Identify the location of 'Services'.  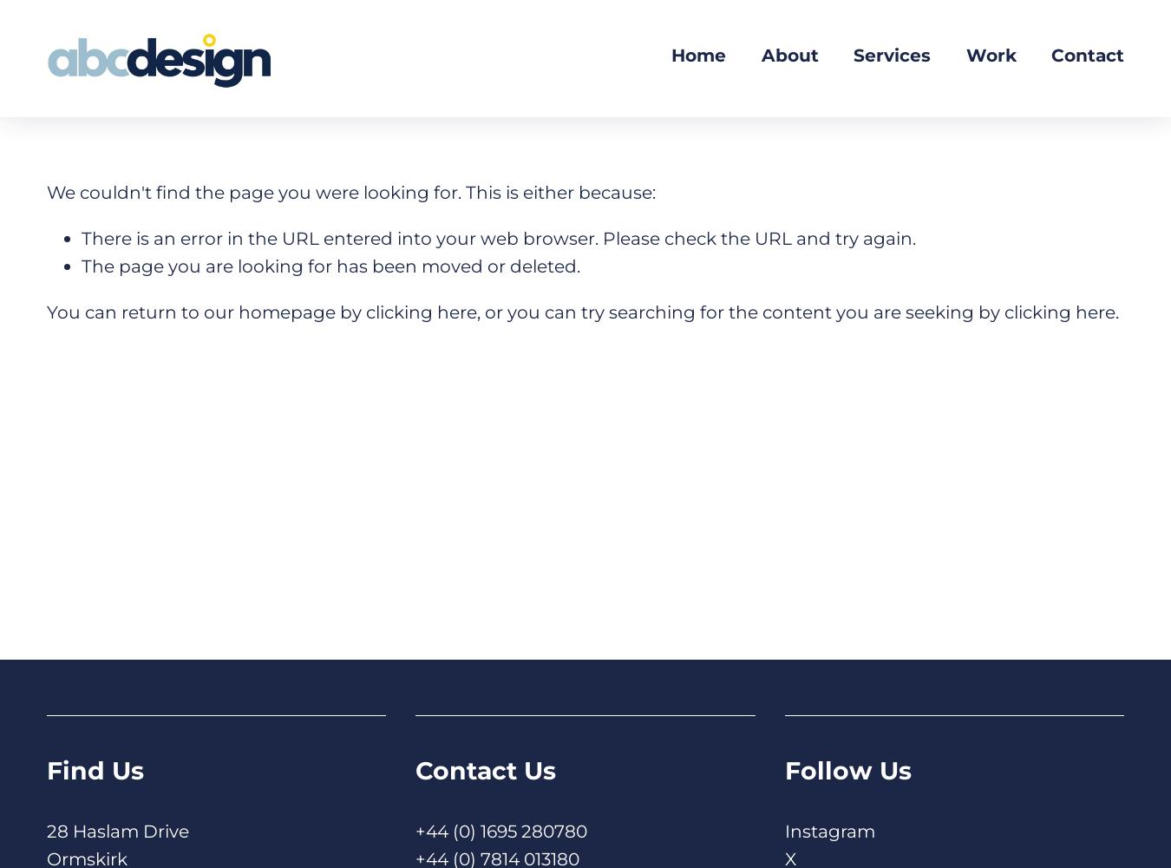
(892, 54).